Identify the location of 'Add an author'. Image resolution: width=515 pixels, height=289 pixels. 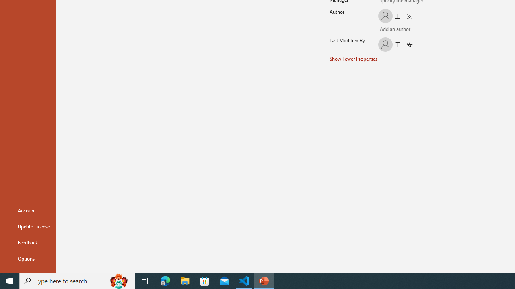
(384, 29).